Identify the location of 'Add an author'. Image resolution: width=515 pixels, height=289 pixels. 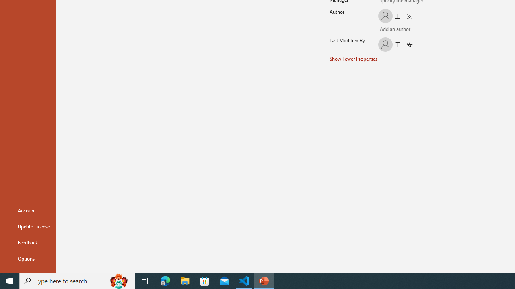
(384, 29).